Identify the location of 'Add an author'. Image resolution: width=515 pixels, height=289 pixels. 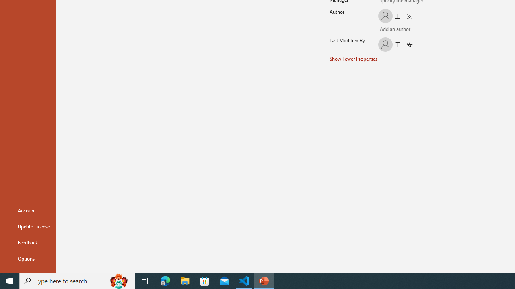
(384, 29).